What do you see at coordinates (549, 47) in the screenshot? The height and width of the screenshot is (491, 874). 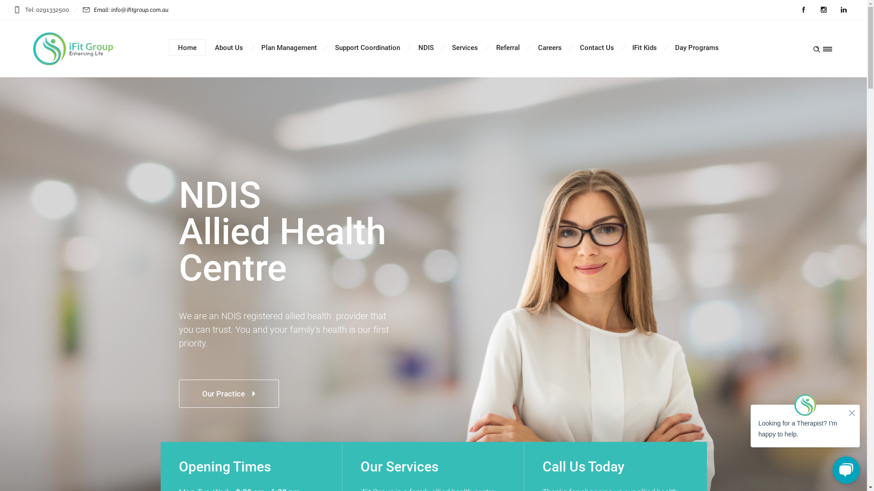 I see `'Careers'` at bounding box center [549, 47].